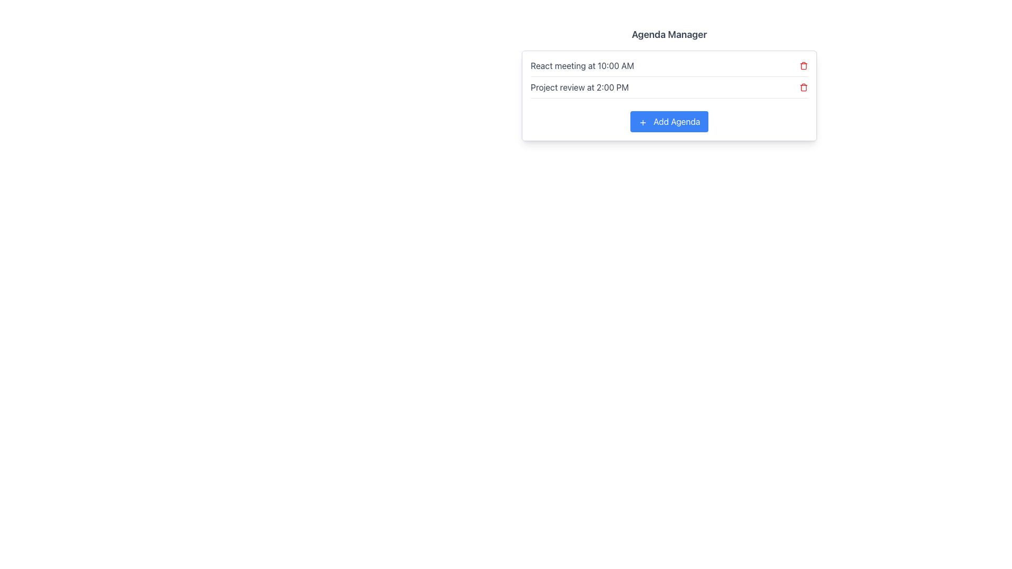  Describe the element at coordinates (803, 86) in the screenshot. I see `the trash can icon button located at the bottom-right corner of the 'Project review at 2:00 PM' text block to observe the color change effect` at that location.